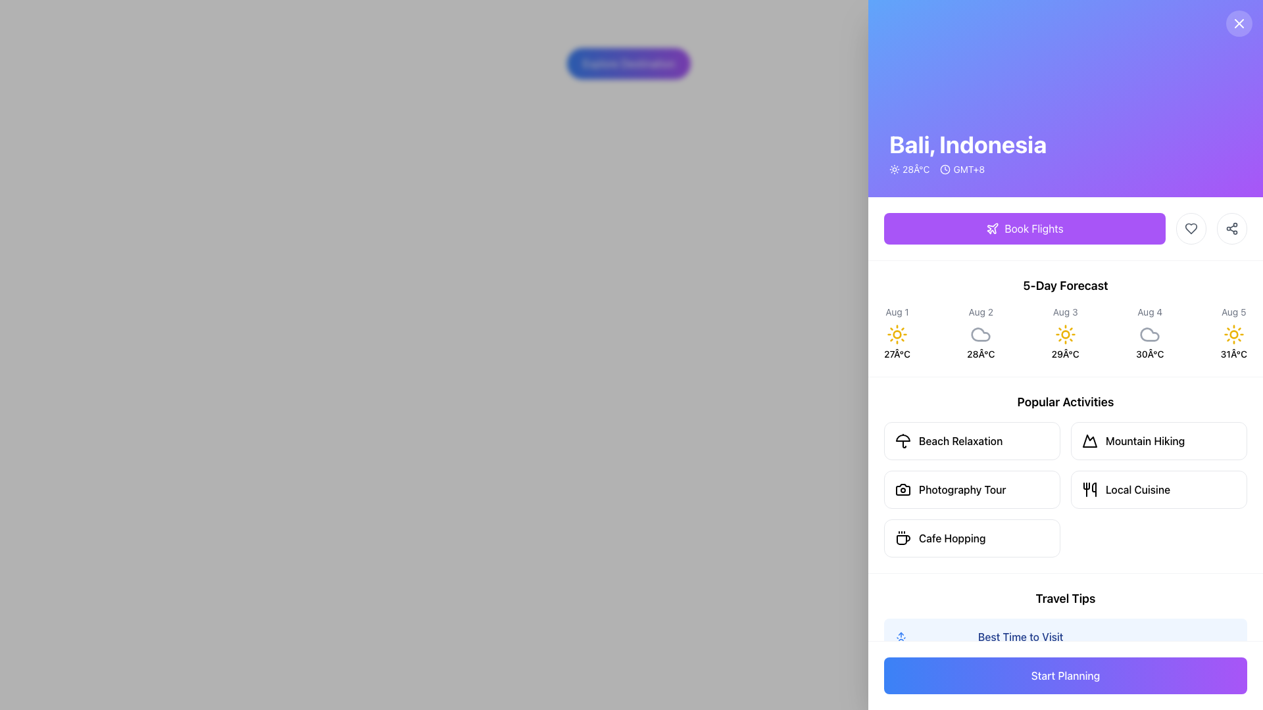  Describe the element at coordinates (1191, 227) in the screenshot. I see `the outlined heart icon button located in the top right control section` at that location.